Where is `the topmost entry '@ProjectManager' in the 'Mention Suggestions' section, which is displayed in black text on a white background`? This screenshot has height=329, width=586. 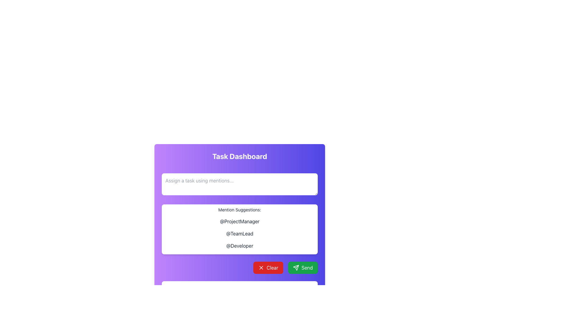 the topmost entry '@ProjectManager' in the 'Mention Suggestions' section, which is displayed in black text on a white background is located at coordinates (239, 221).